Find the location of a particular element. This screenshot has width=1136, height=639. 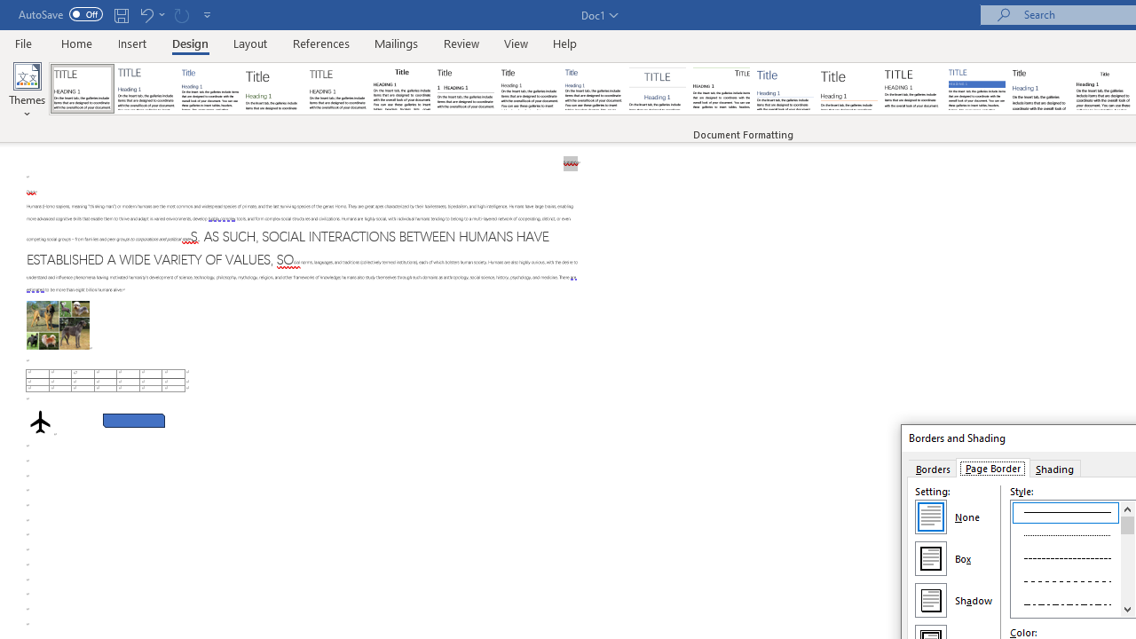

'Basic (Elegant)' is located at coordinates (146, 89).